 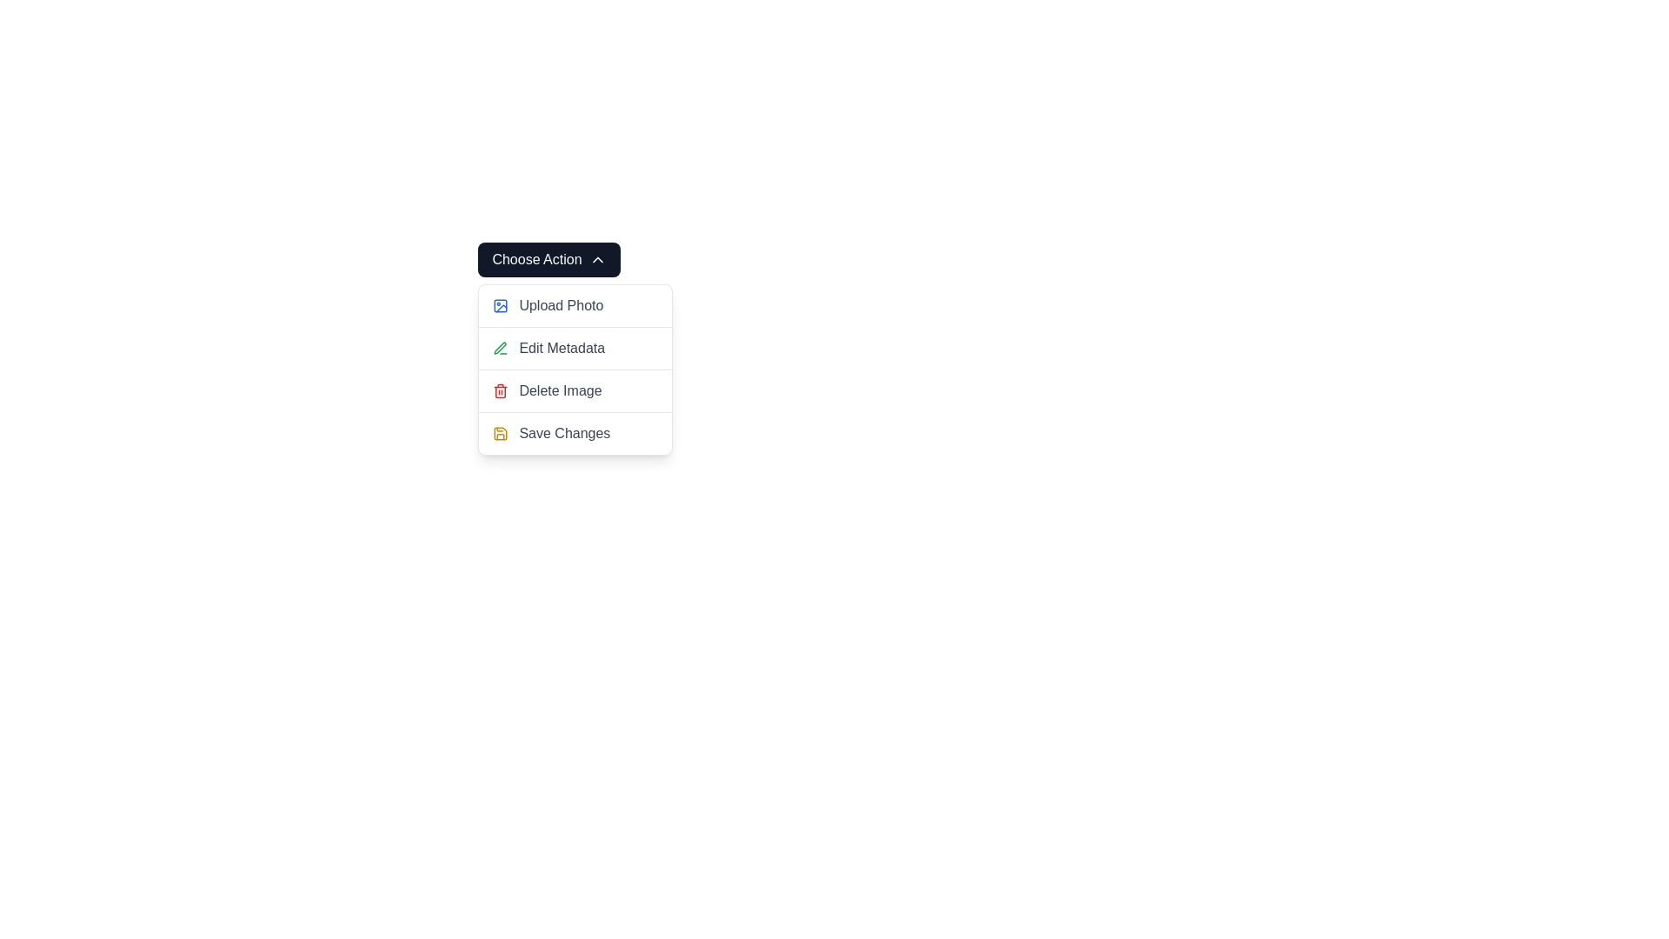 I want to click on the 'Save Changes' icon located in the dropdown menu under 'Choose Action', so click(x=500, y=432).